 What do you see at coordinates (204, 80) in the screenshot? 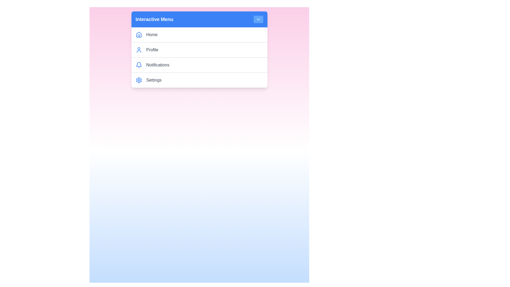
I see `the menu item Settings by clicking on it` at bounding box center [204, 80].